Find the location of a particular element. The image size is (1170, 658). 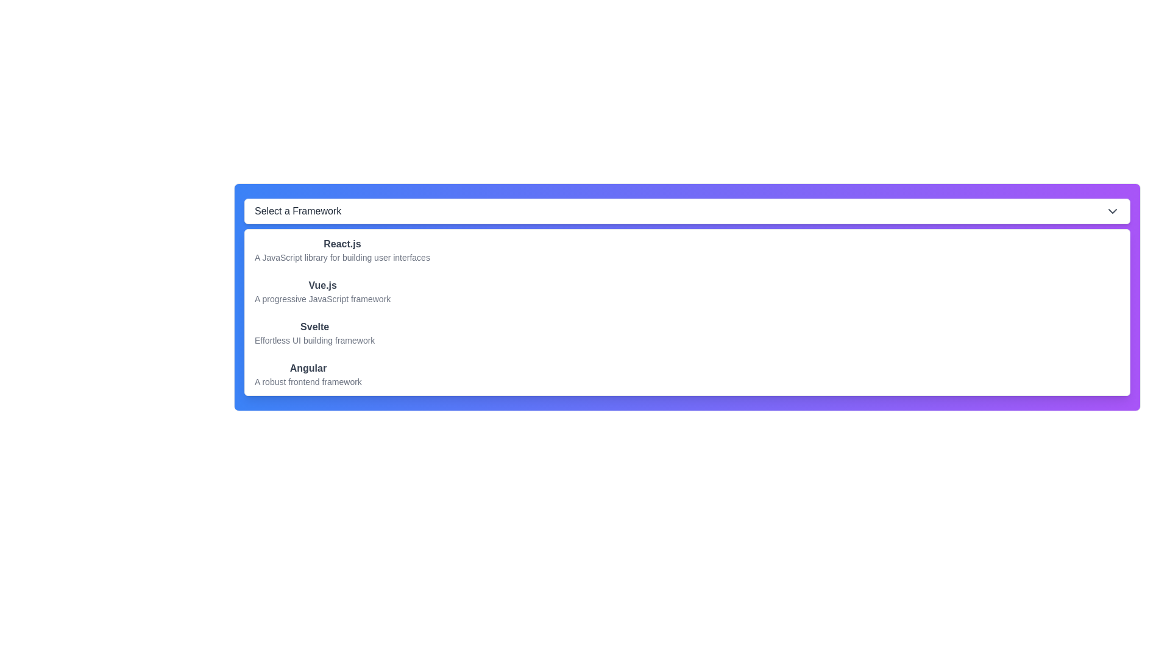

the descriptive text element that provides an overview of the 'Angular' framework, located beneath the 'Angular' header in the framework menu is located at coordinates (308, 381).